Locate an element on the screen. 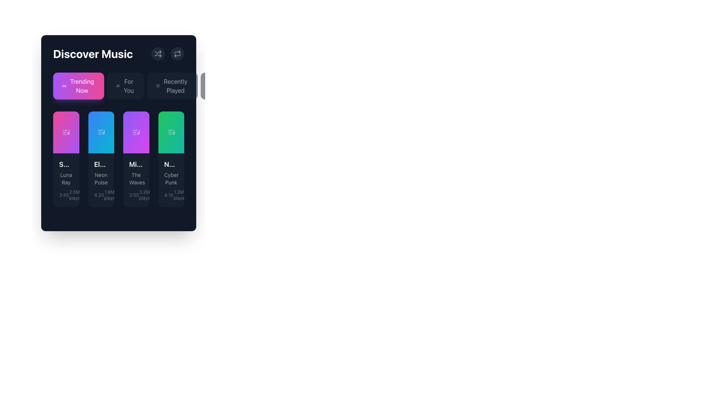 The height and width of the screenshot is (404, 719). the text label element displaying 'Neon Pulse', which is located below the title 'Electric Dreams' and above the play duration and play count in the 'Discover Music' section is located at coordinates (101, 179).